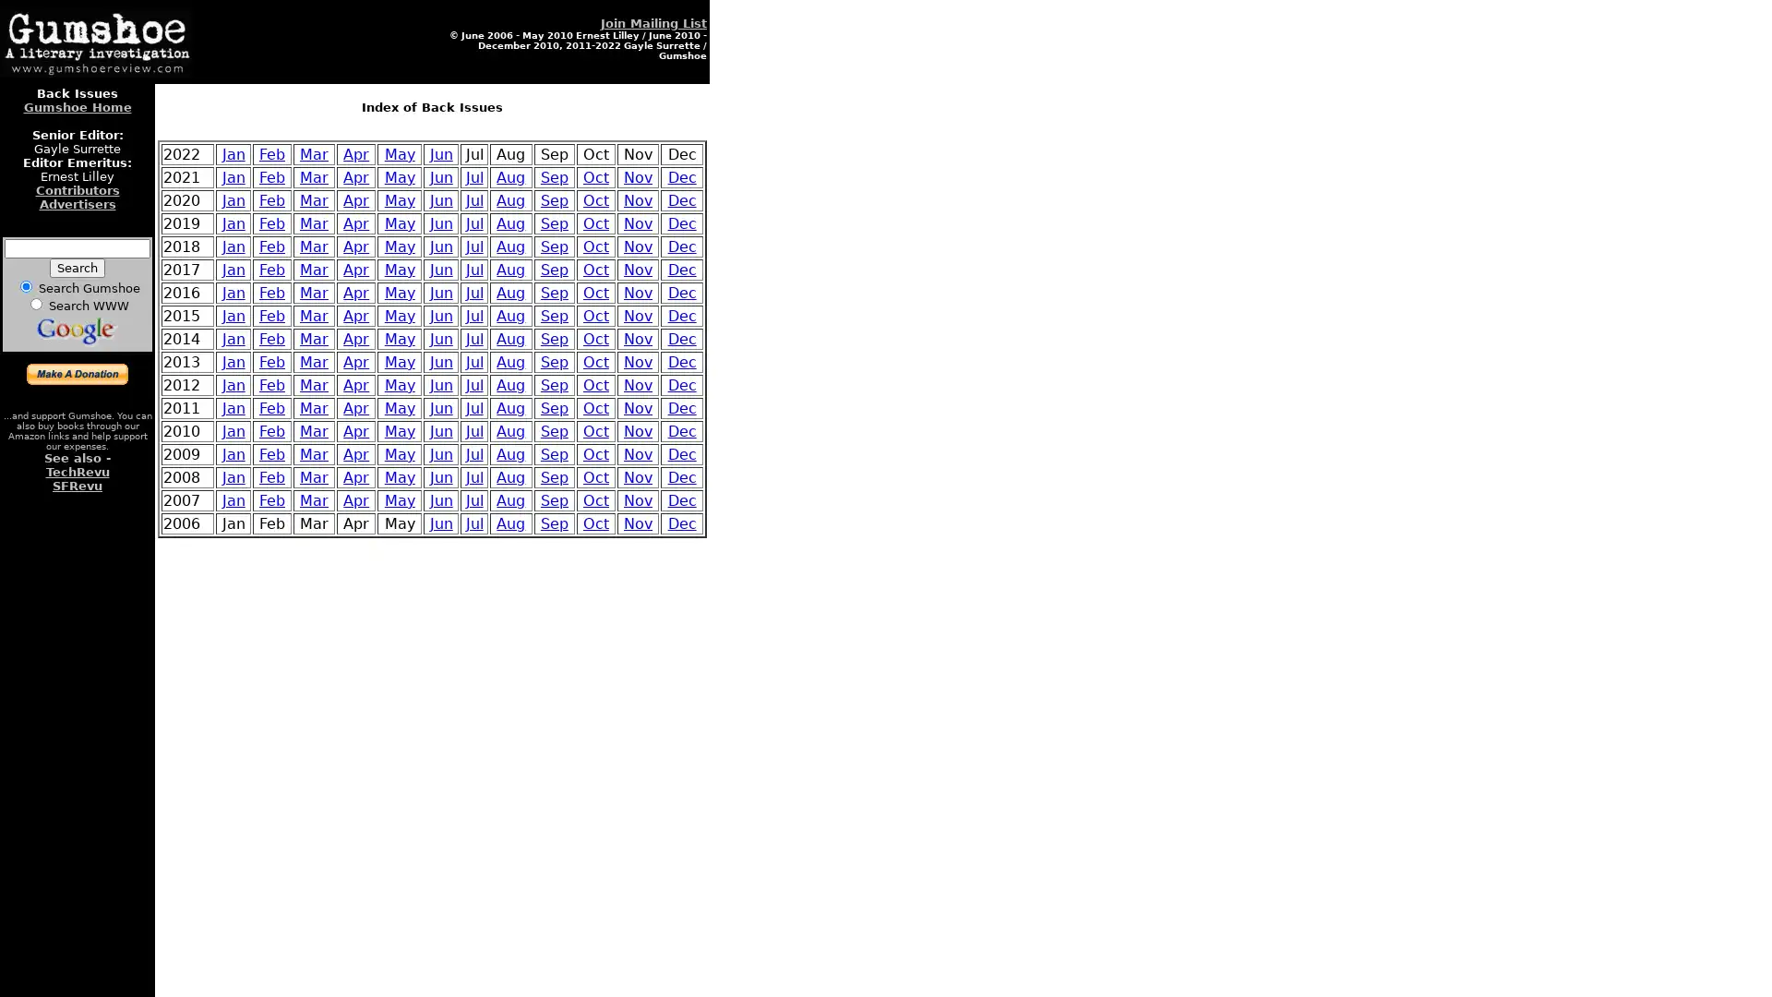  I want to click on Make payments with PayPal - it's fast, free and secure!, so click(77, 374).